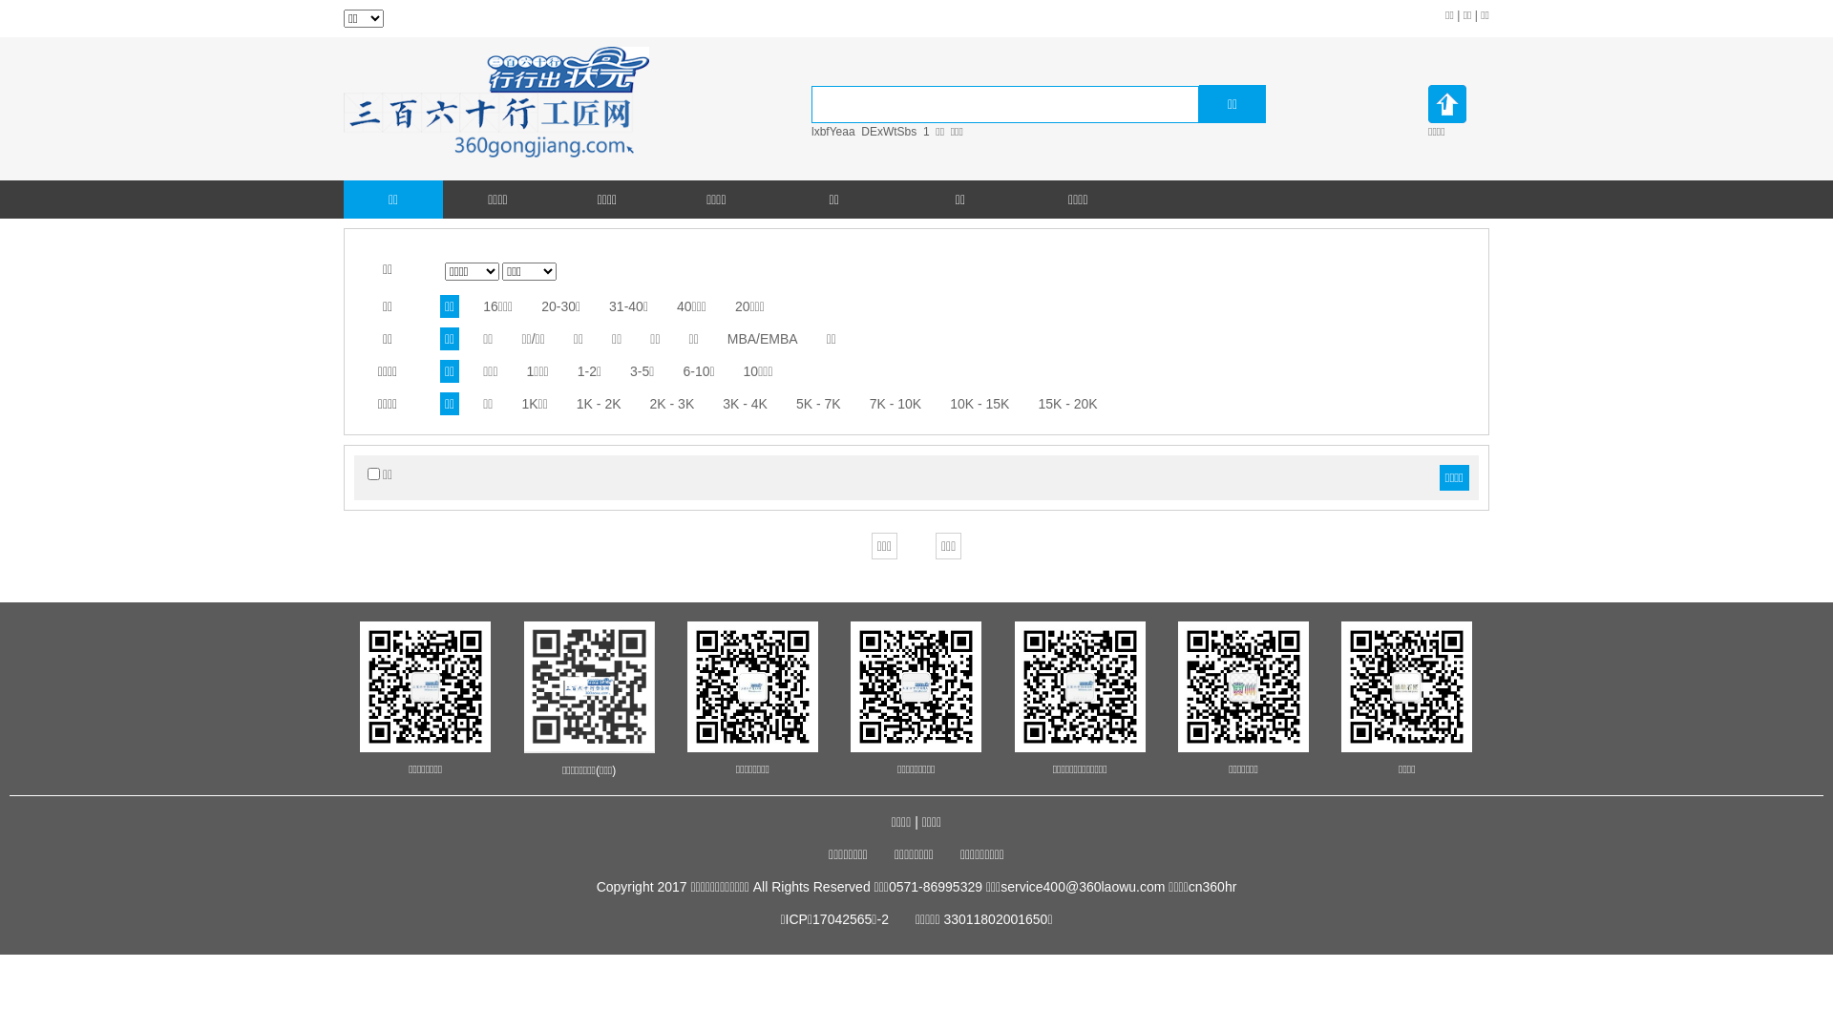 This screenshot has height=1031, width=1833. Describe the element at coordinates (818, 403) in the screenshot. I see `'5K - 7K'` at that location.